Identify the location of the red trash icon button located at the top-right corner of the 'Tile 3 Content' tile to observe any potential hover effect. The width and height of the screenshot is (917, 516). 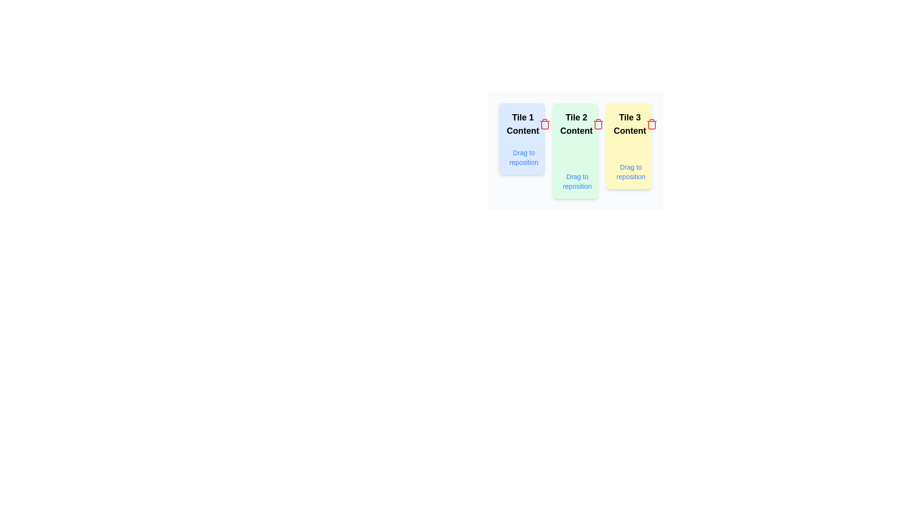
(651, 123).